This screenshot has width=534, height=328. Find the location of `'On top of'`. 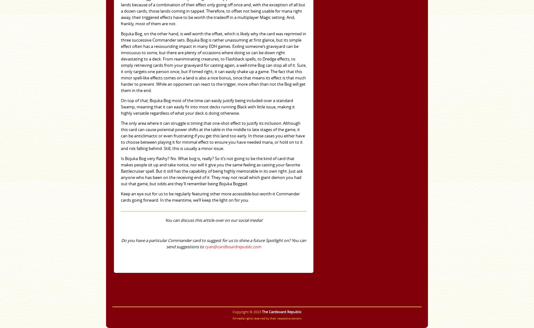

'On top of' is located at coordinates (130, 101).